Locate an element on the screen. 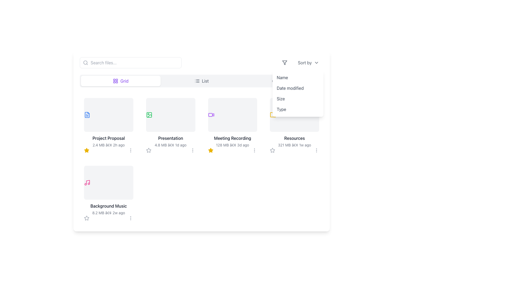  the file document icon with a blue-themed outline located in the top-left tile of the grid layout under 'Project Proposal' is located at coordinates (87, 115).